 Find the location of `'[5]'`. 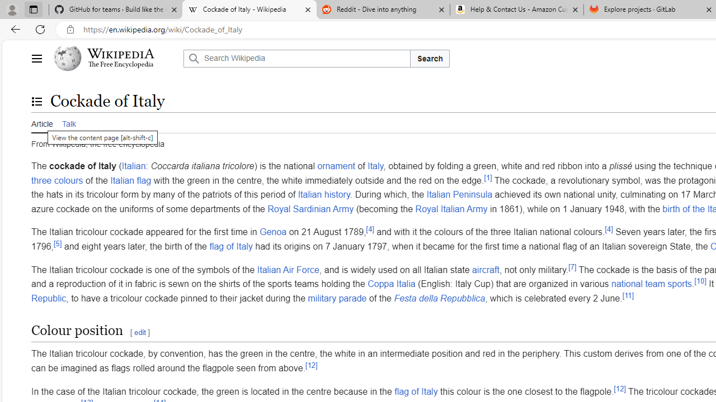

'[5]' is located at coordinates (57, 242).